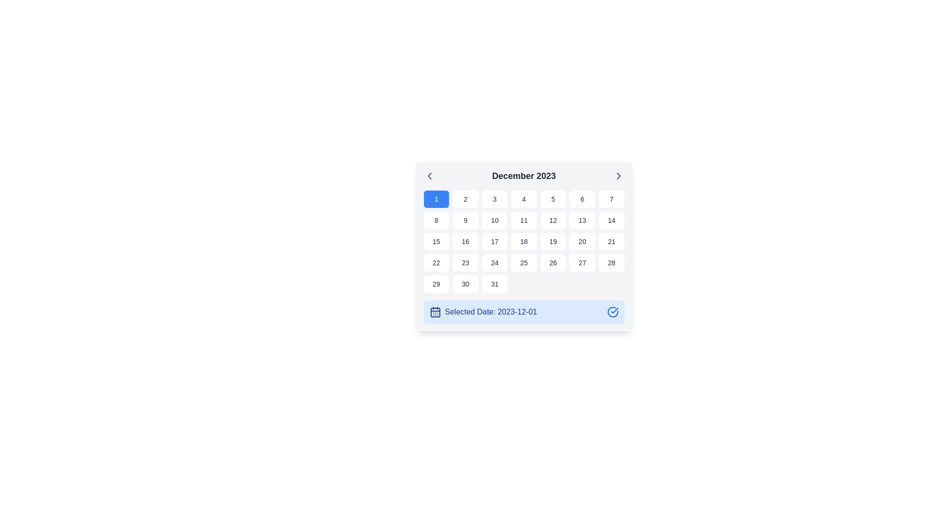 The height and width of the screenshot is (521, 926). What do you see at coordinates (429, 176) in the screenshot?
I see `the left-pointing chevron icon, which is dark gray and located to the left of the 'December 2023' text` at bounding box center [429, 176].